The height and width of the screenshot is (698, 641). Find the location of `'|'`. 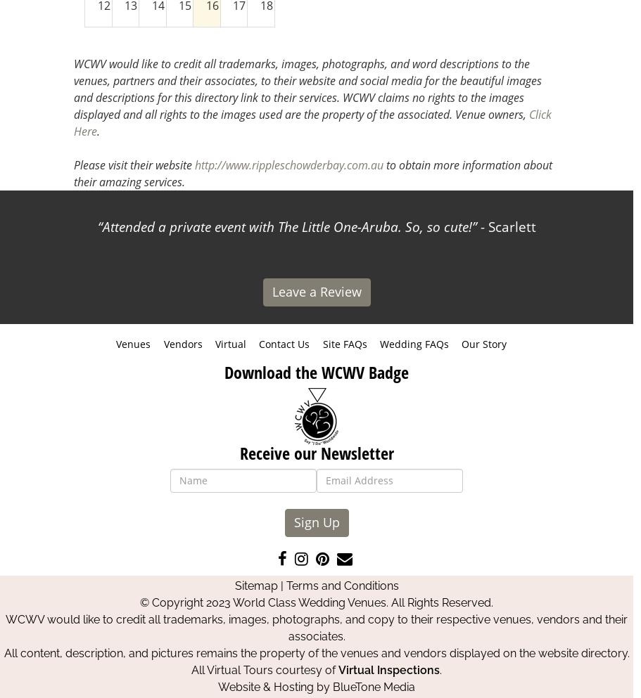

'|' is located at coordinates (281, 585).